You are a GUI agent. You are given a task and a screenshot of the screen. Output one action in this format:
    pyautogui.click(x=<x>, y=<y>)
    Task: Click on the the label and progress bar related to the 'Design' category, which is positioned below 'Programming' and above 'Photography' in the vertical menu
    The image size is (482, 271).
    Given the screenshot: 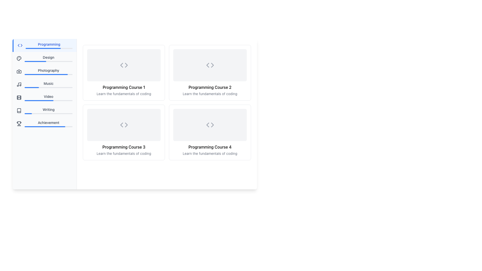 What is the action you would take?
    pyautogui.click(x=48, y=58)
    